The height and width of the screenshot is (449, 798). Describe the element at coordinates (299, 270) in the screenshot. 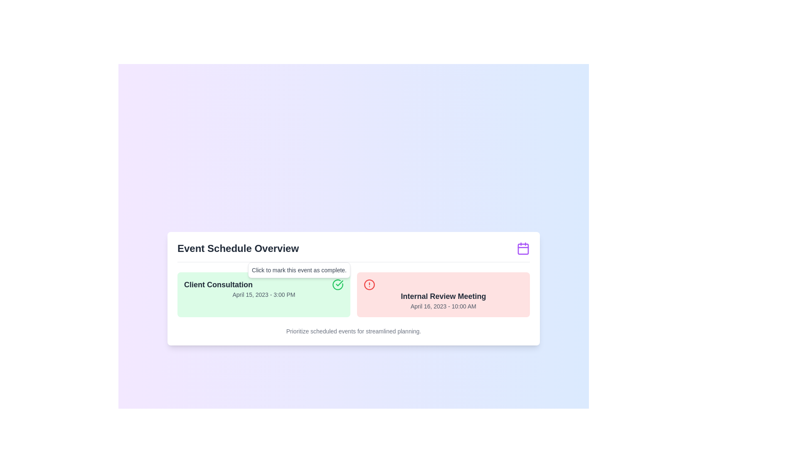

I see `the static text label that reads 'Click to mark this event as complete.' which is styled in a small gray font and located near the top right of the green event card labeled 'Client Consultation'` at that location.